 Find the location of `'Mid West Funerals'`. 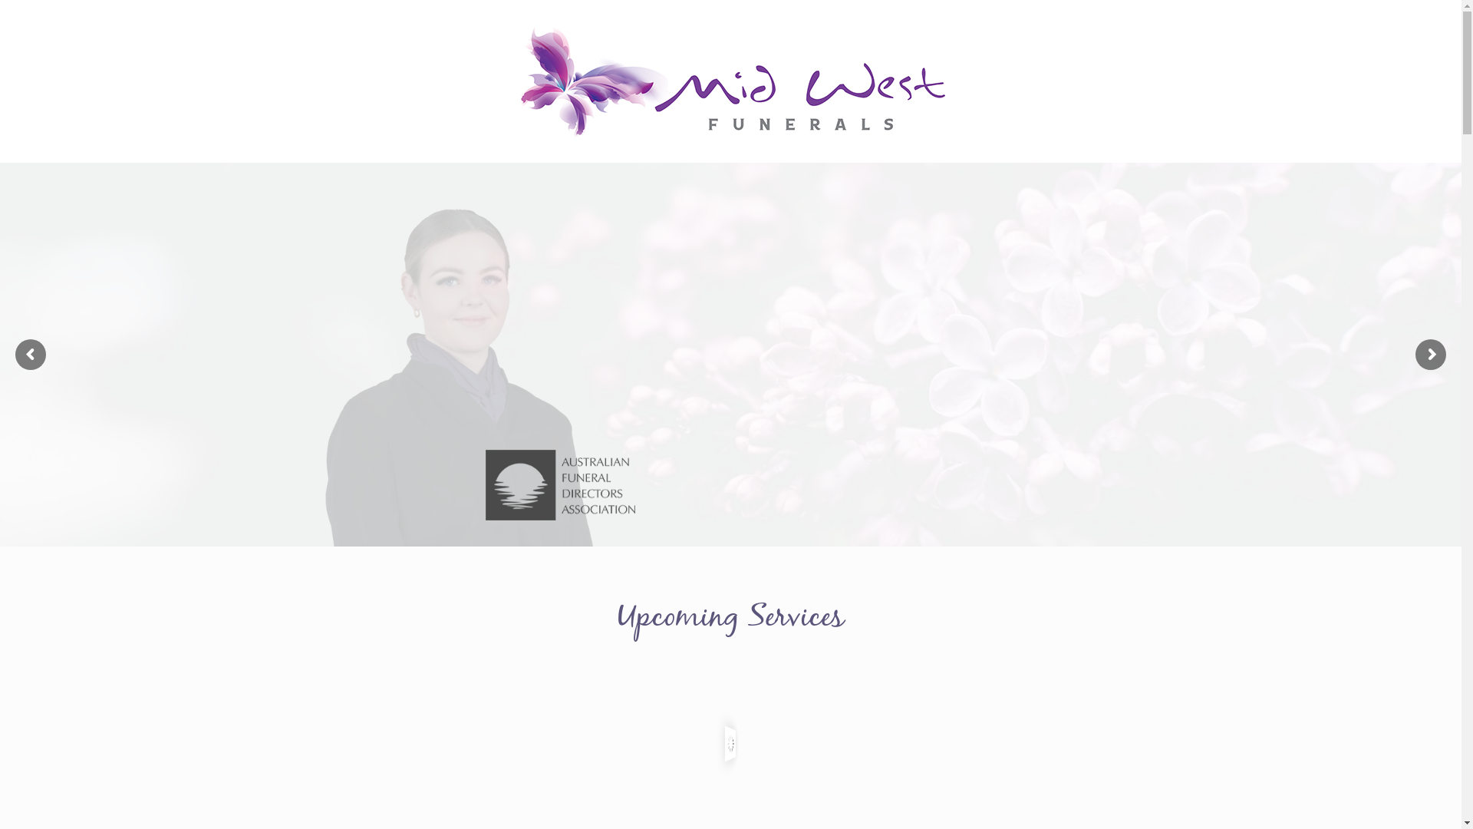

'Mid West Funerals' is located at coordinates (730, 81).